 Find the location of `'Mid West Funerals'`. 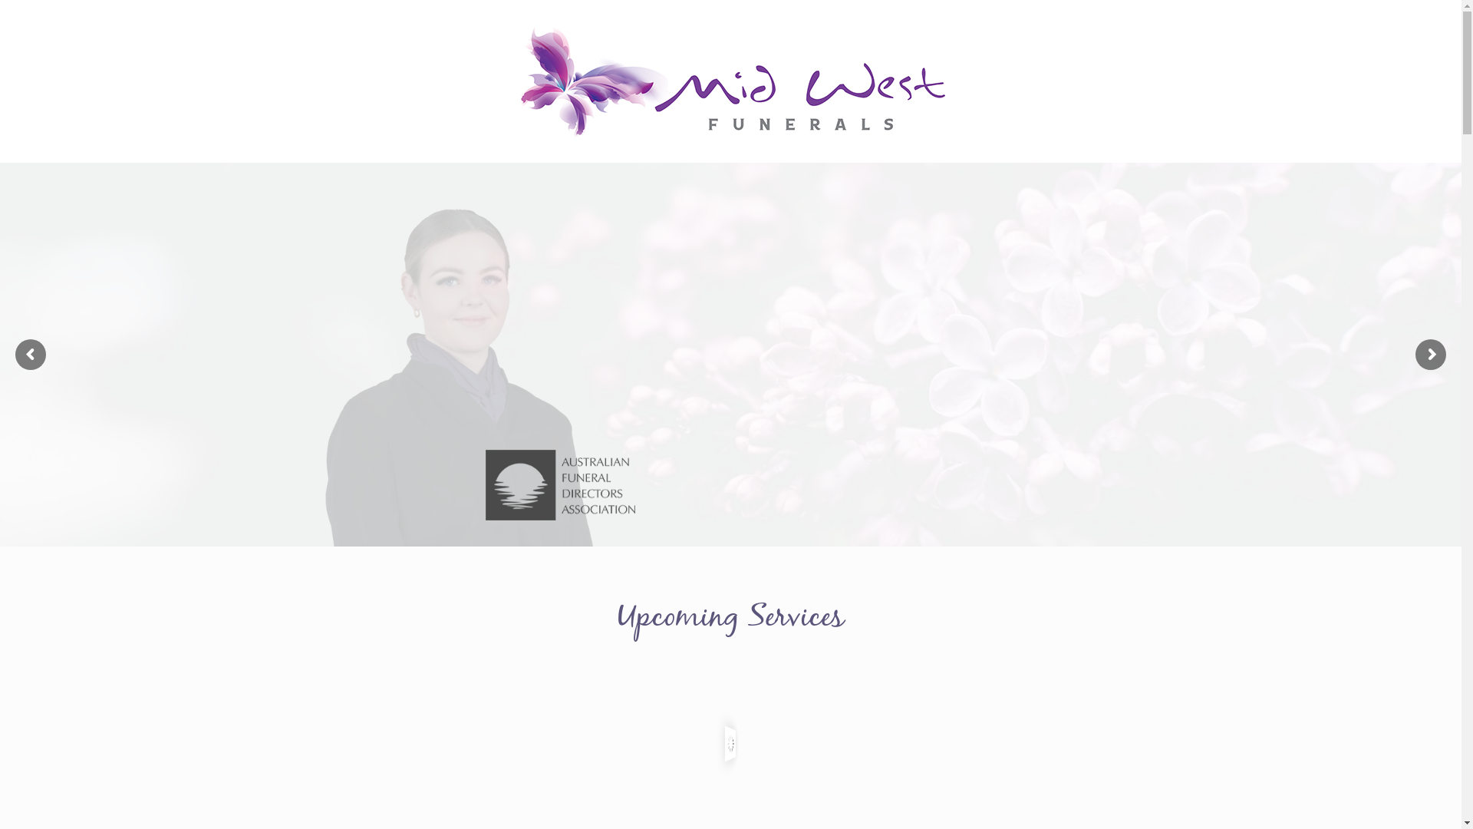

'Mid West Funerals' is located at coordinates (730, 81).